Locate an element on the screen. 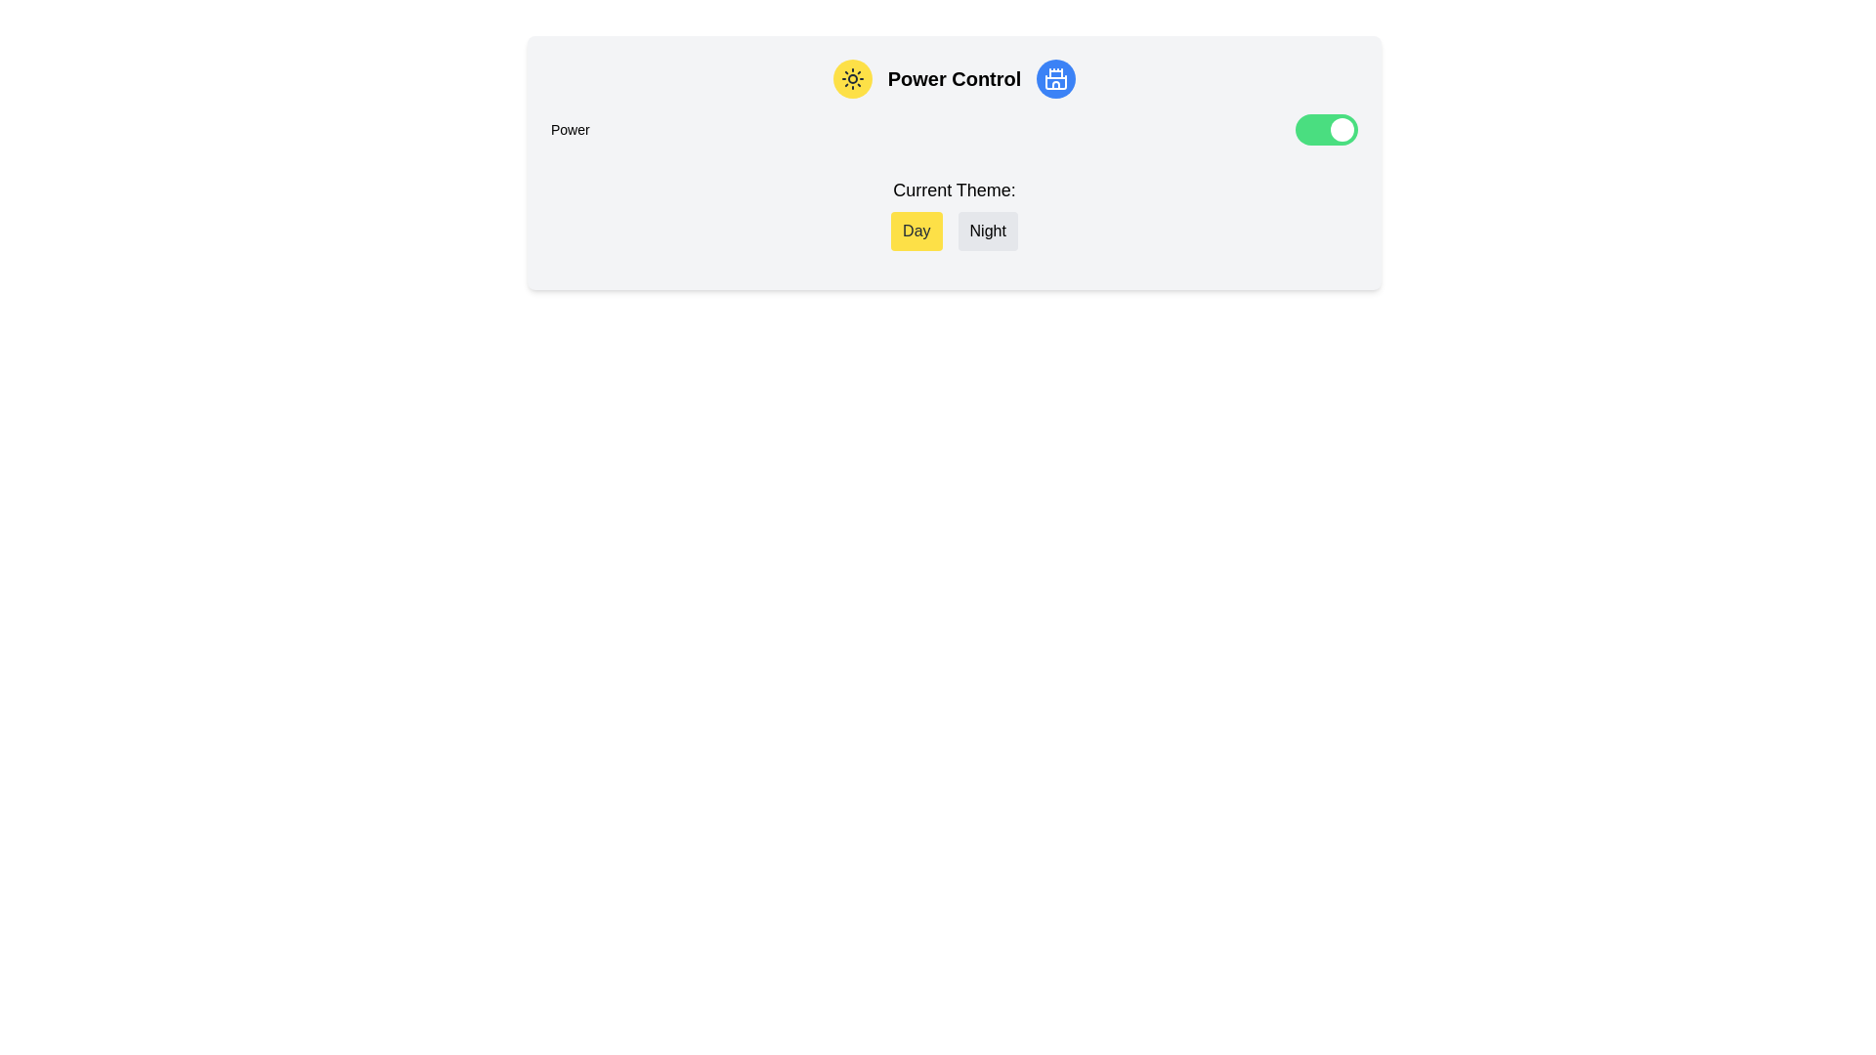 Image resolution: width=1876 pixels, height=1055 pixels. the castle icon located at the top right of the 'Power Control' section, which has a circular blue background is located at coordinates (1055, 78).